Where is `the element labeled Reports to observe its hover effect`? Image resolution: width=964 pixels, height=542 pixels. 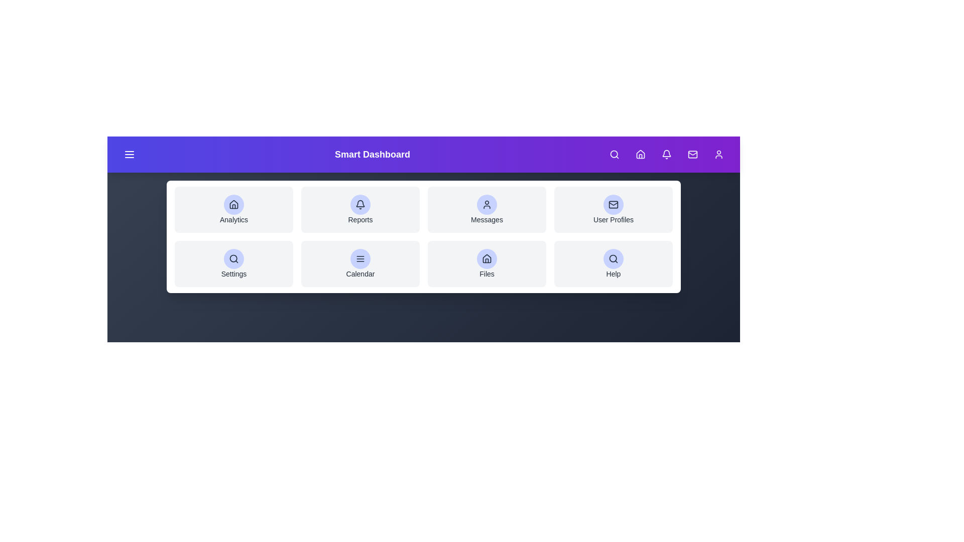 the element labeled Reports to observe its hover effect is located at coordinates (360, 209).